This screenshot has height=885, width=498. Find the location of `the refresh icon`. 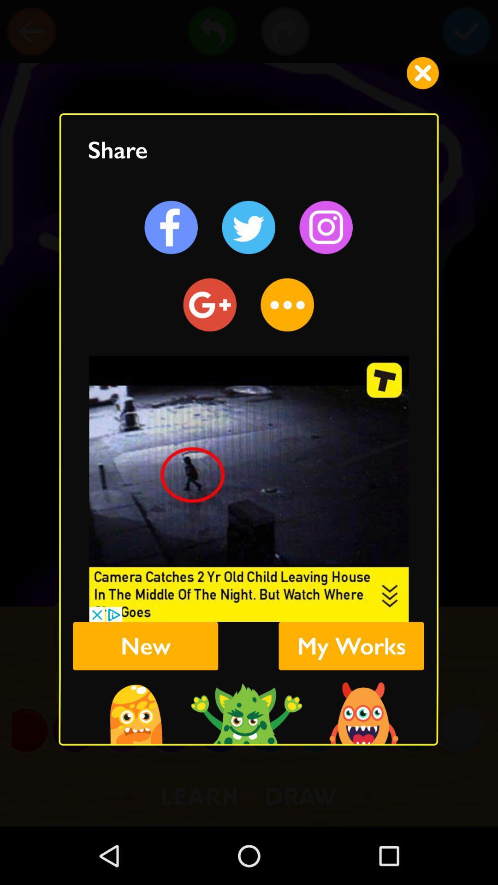

the refresh icon is located at coordinates (210, 305).